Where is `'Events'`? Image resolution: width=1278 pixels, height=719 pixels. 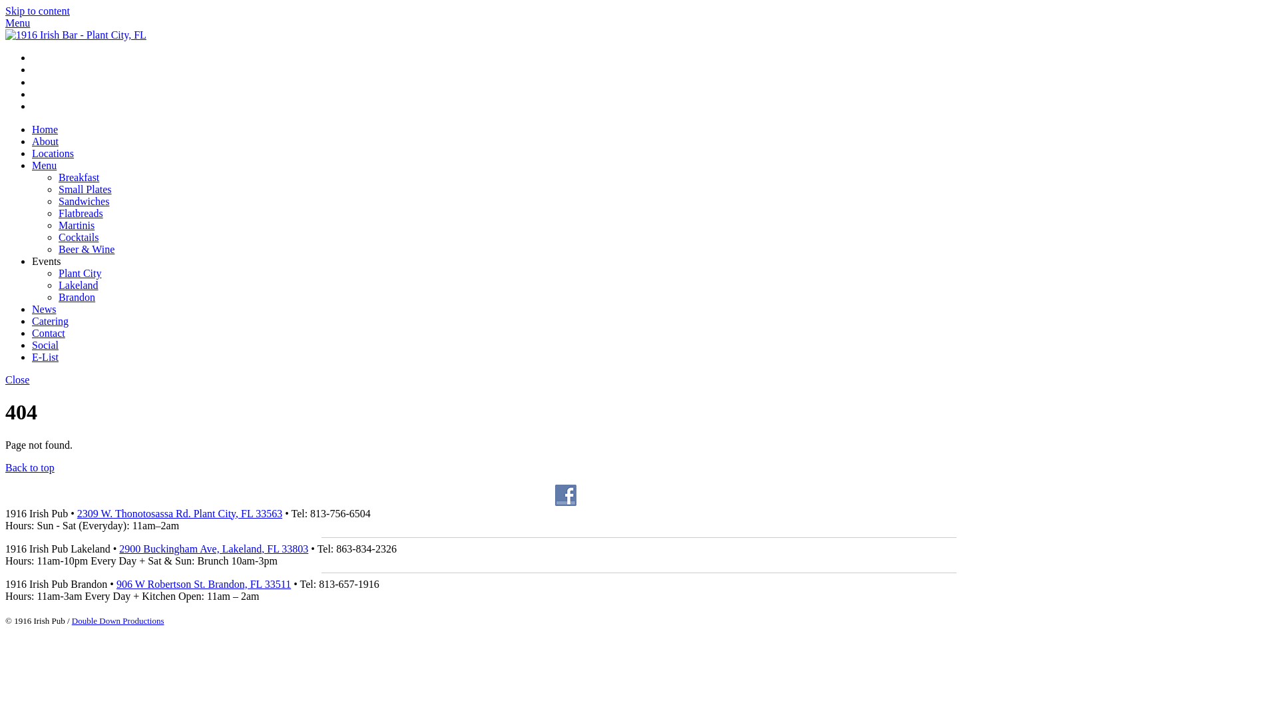
'Events' is located at coordinates (32, 261).